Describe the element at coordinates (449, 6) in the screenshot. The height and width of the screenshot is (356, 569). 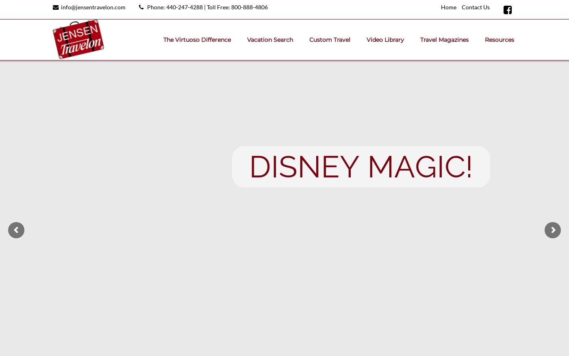
I see `'Home'` at that location.